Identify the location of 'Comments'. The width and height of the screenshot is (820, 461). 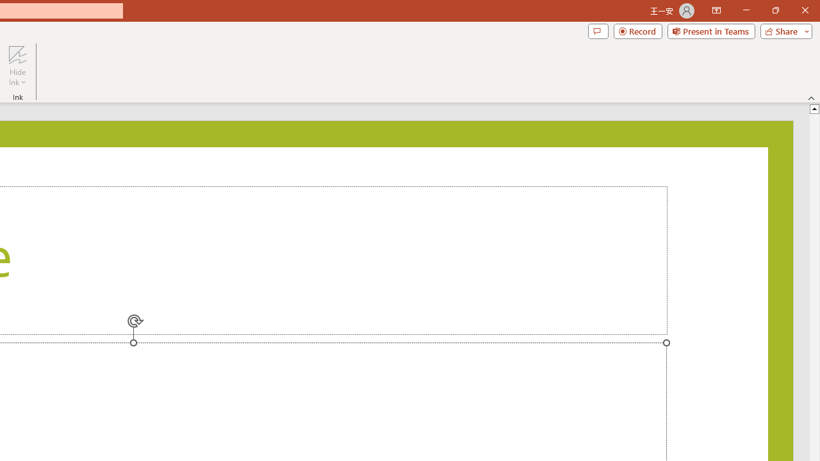
(597, 30).